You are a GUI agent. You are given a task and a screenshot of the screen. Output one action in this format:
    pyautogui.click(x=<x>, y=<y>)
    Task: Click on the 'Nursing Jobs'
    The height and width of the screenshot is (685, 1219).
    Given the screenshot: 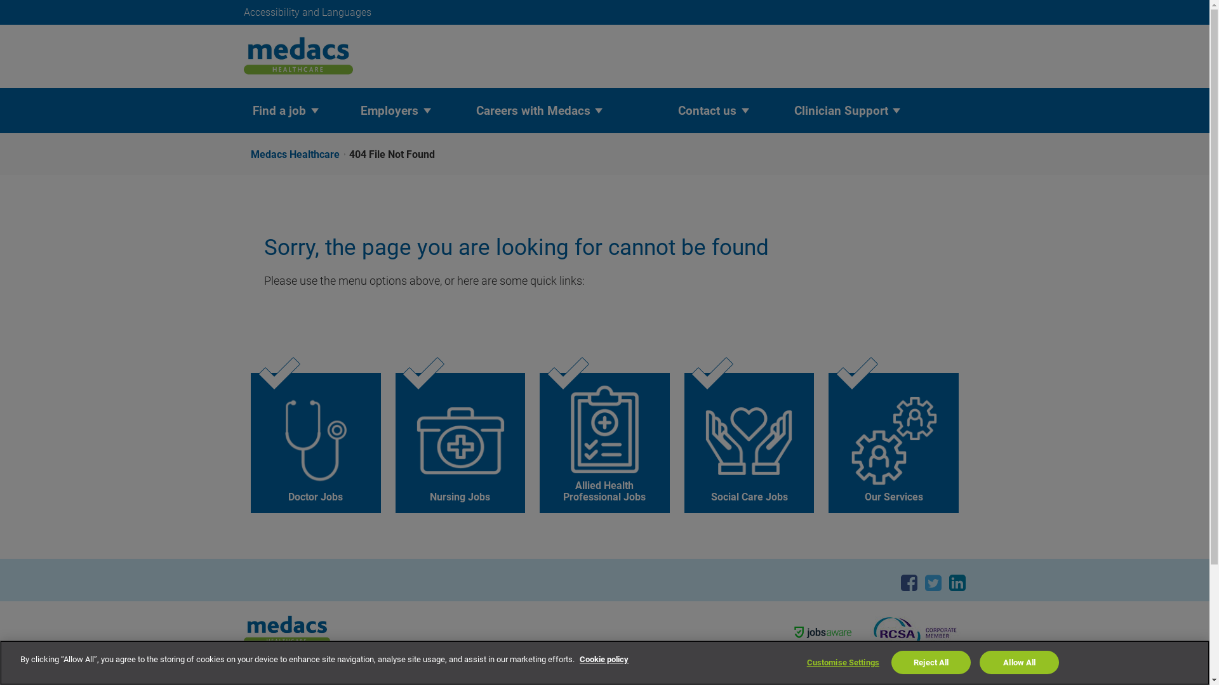 What is the action you would take?
    pyautogui.click(x=460, y=442)
    